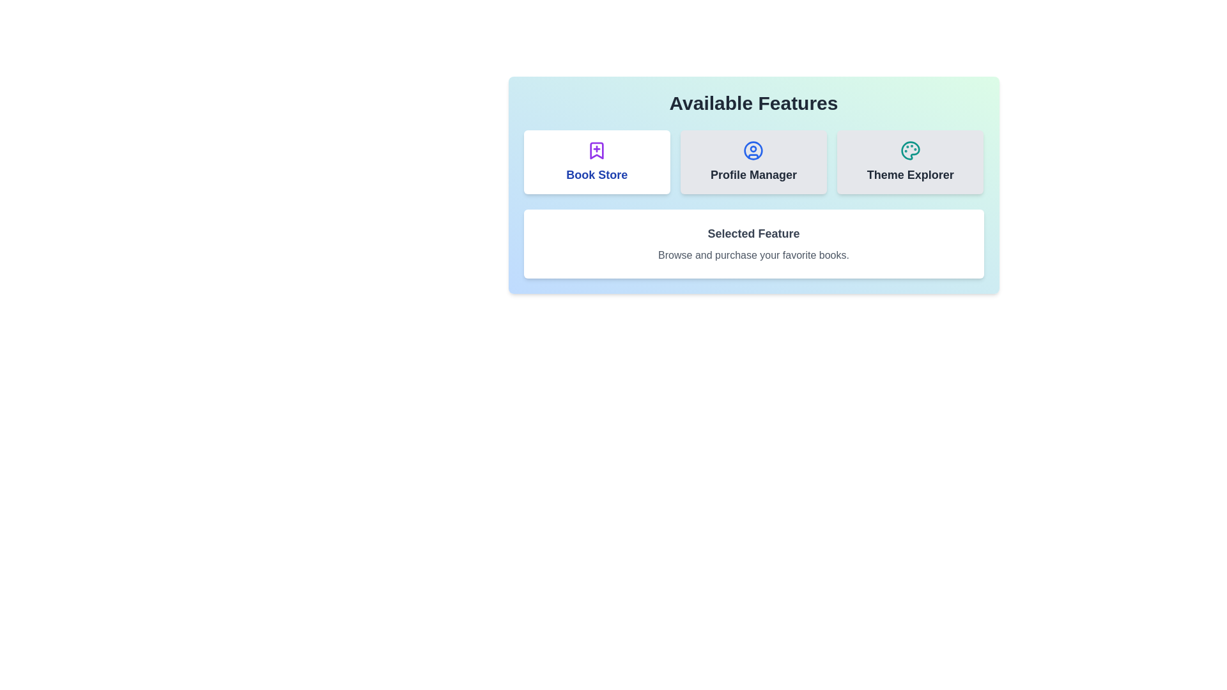 Image resolution: width=1227 pixels, height=690 pixels. I want to click on the feature selection interface, which includes a header labeled 'Available Features' and a grid of buttons, to trigger visual interactions like hover animations, so click(753, 185).